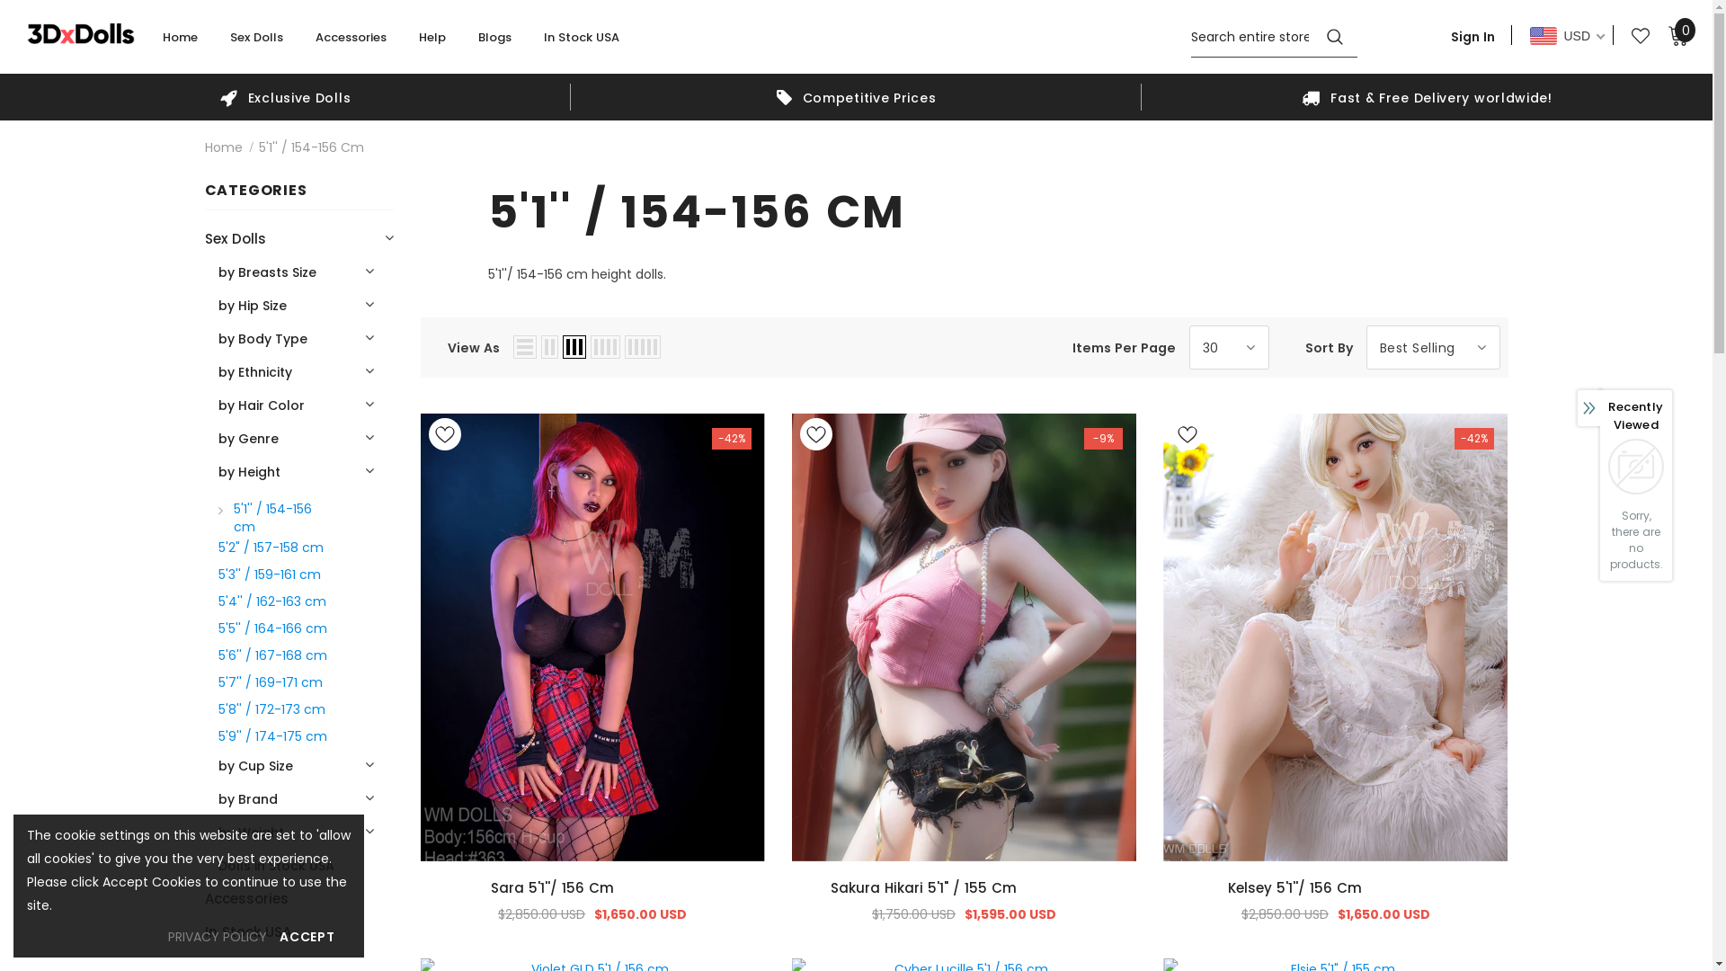 The image size is (1726, 971). Describe the element at coordinates (284, 97) in the screenshot. I see `'Exclusive Dolls'` at that location.